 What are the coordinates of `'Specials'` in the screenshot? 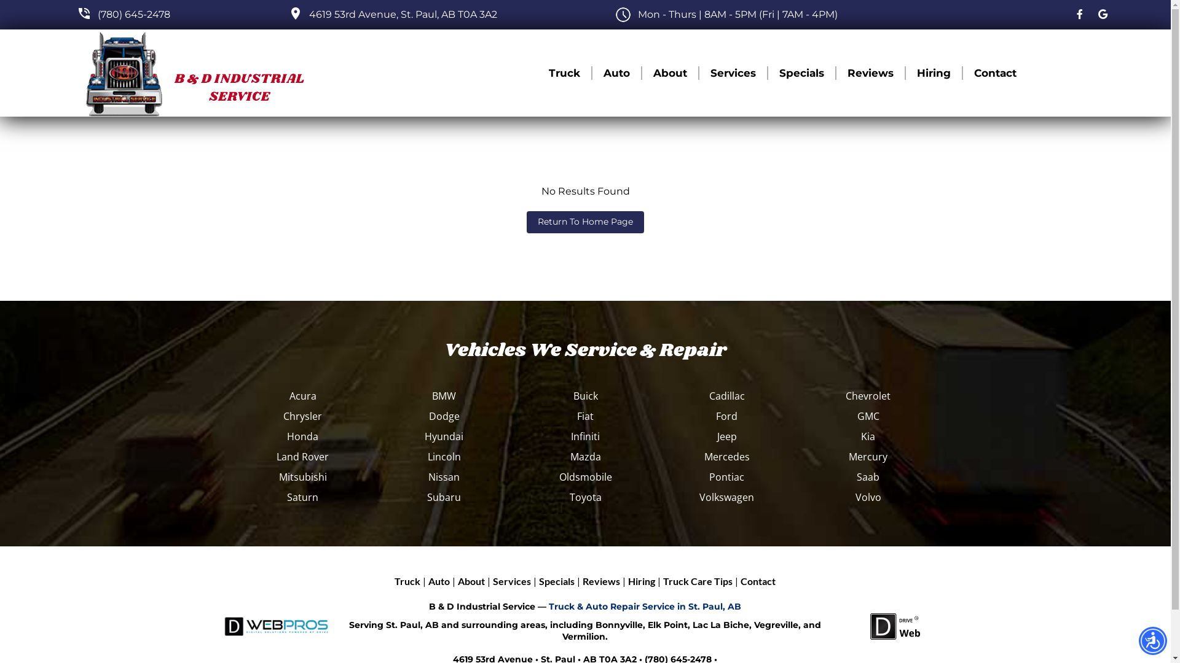 It's located at (556, 581).